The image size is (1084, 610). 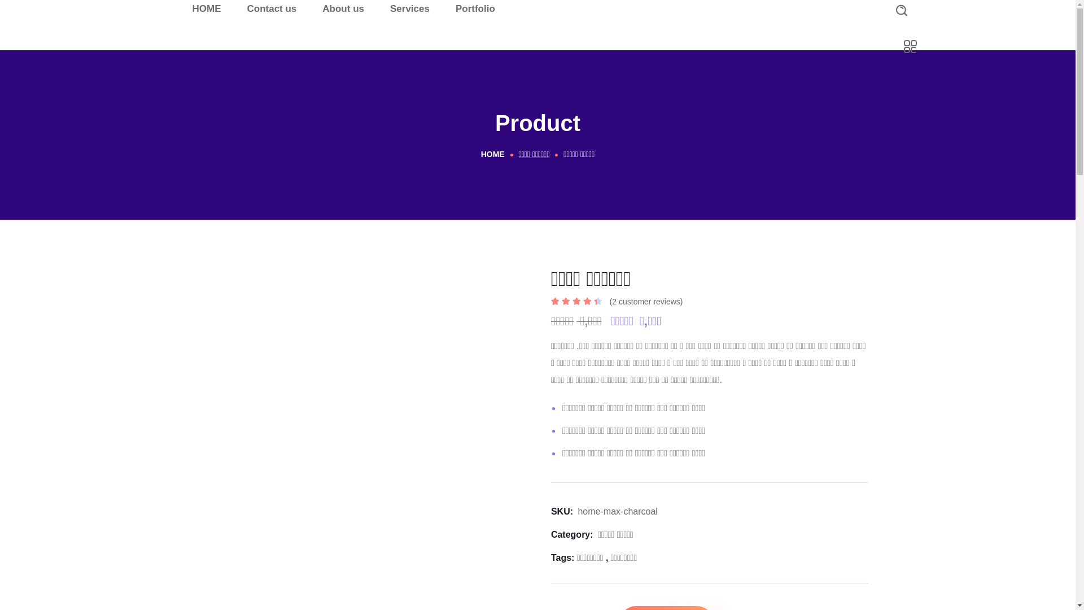 I want to click on 'Portfolio', so click(x=475, y=8).